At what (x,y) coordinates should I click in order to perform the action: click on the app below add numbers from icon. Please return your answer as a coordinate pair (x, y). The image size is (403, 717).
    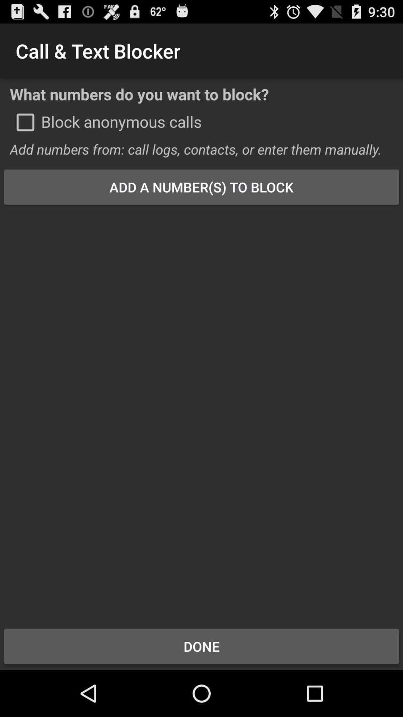
    Looking at the image, I should click on (201, 187).